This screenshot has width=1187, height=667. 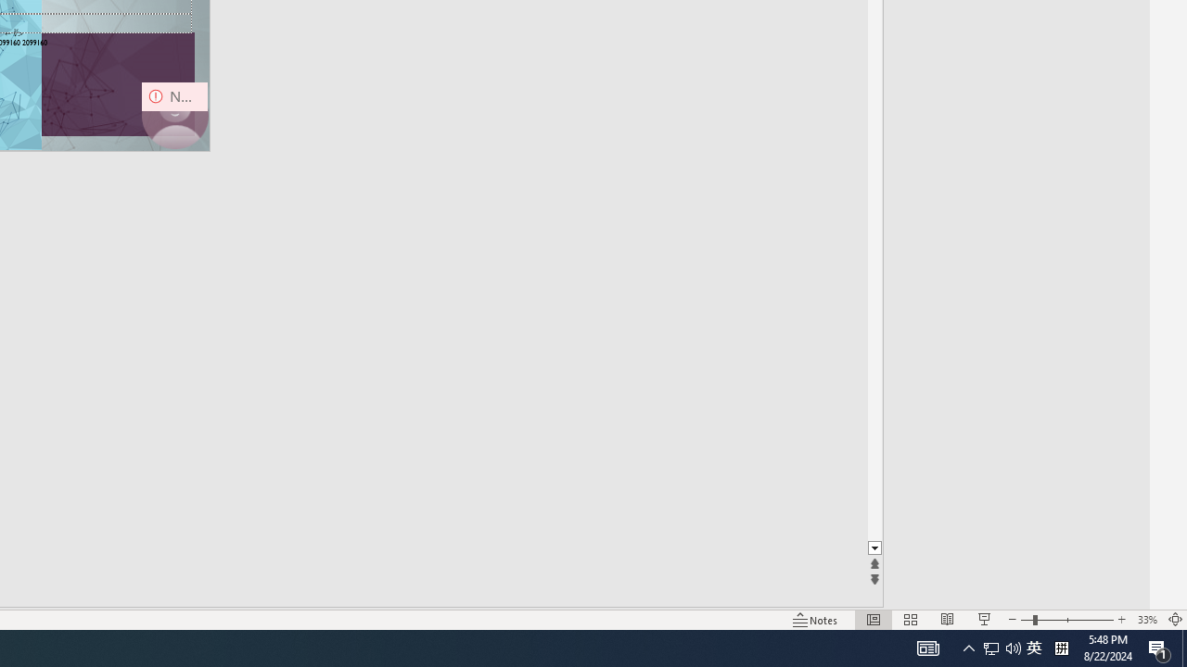 What do you see at coordinates (983, 620) in the screenshot?
I see `'Slide Show'` at bounding box center [983, 620].